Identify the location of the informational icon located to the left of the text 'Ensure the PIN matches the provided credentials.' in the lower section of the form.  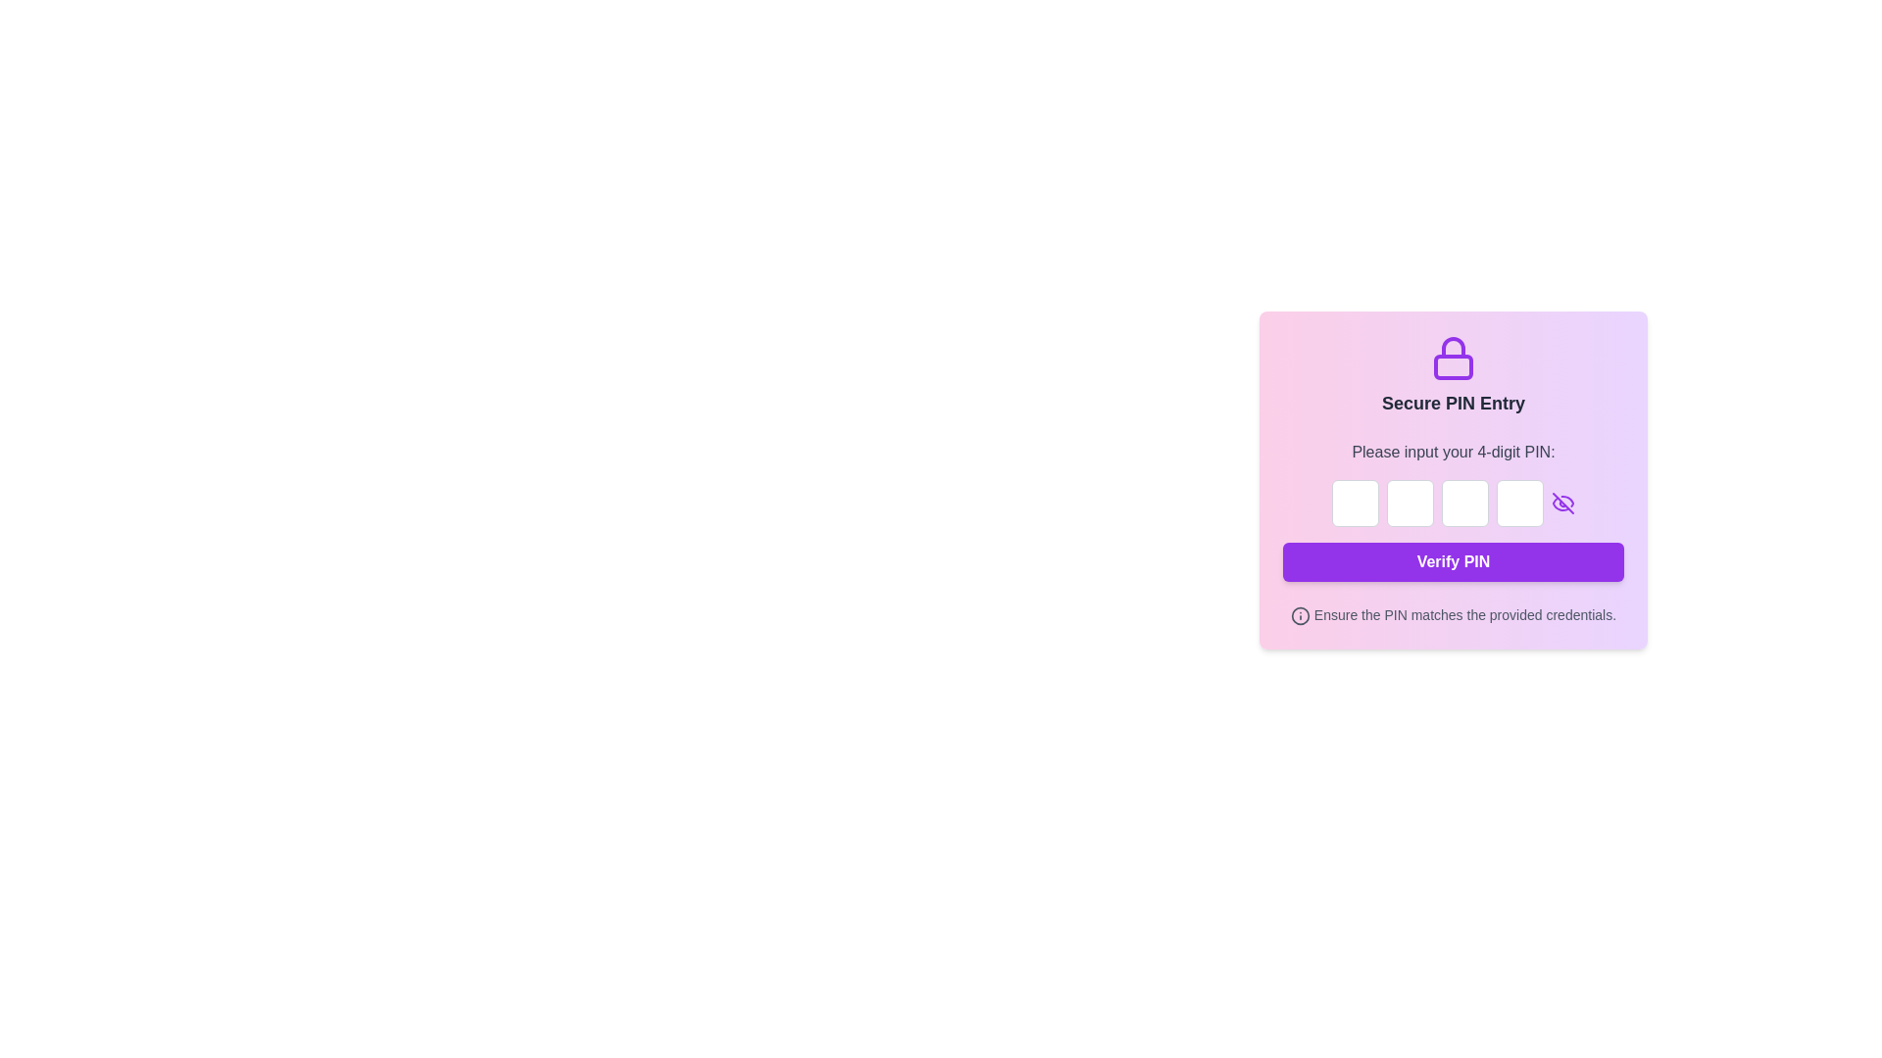
(1300, 615).